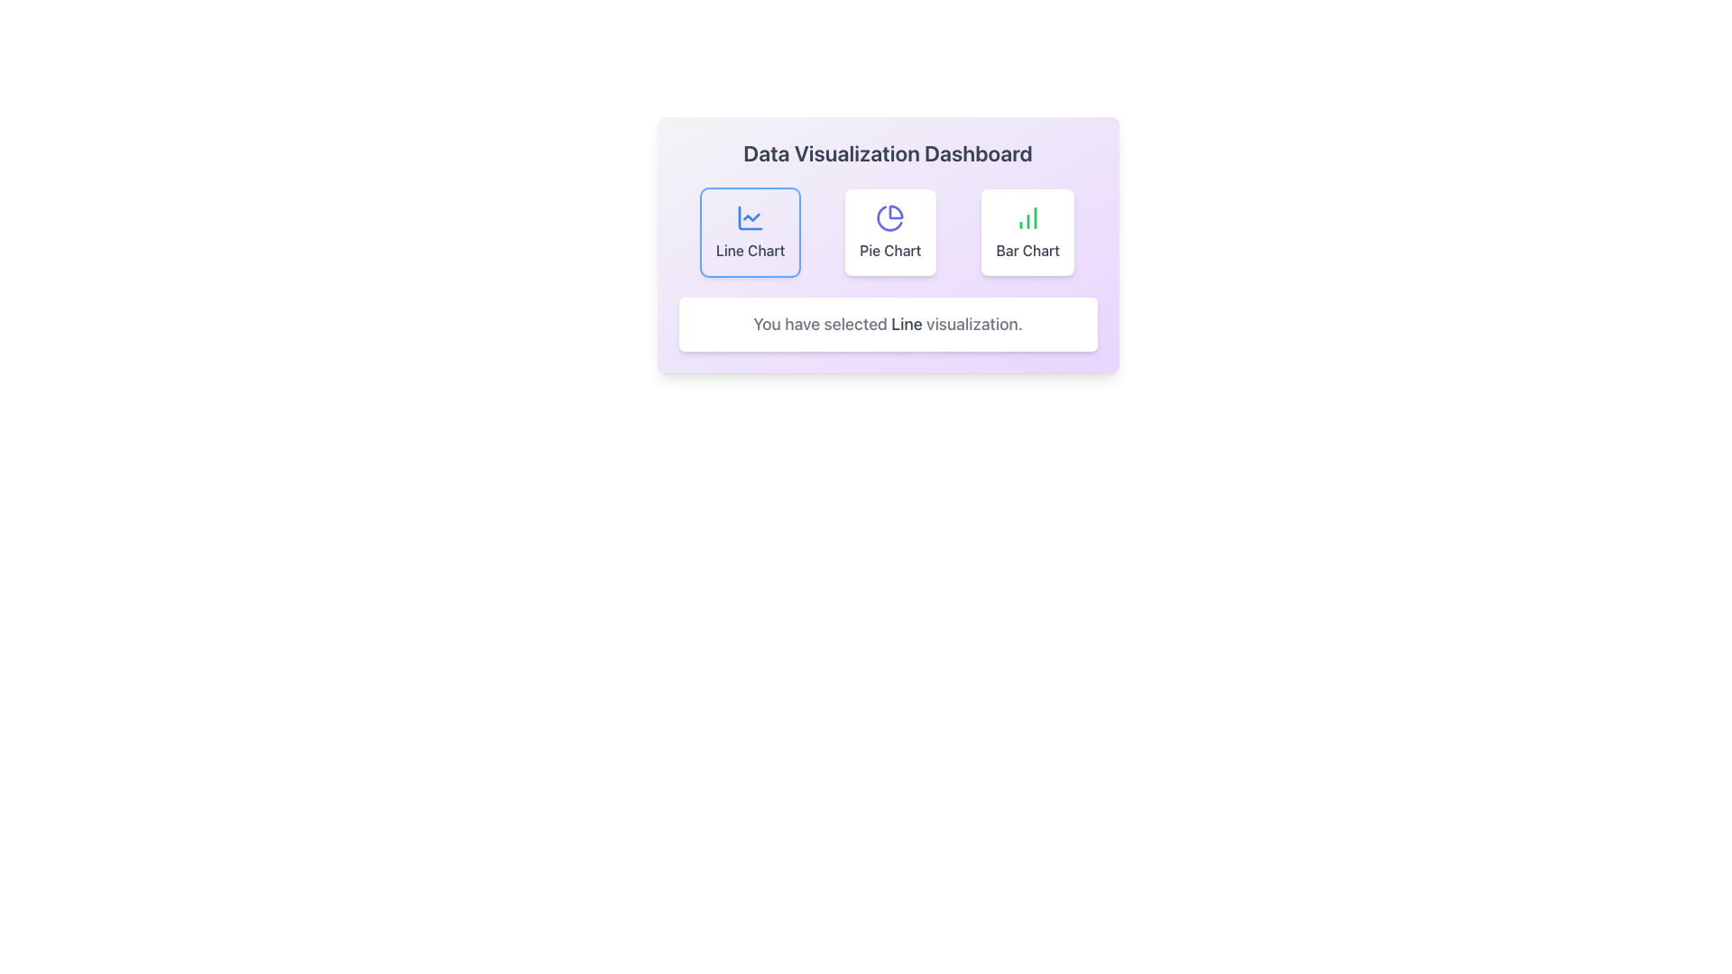 Image resolution: width=1732 pixels, height=974 pixels. I want to click on the text label at the bottom of the first option card in the horizontal group of three options on the dashboard interface, which describes the functionality of the card, so click(751, 250).